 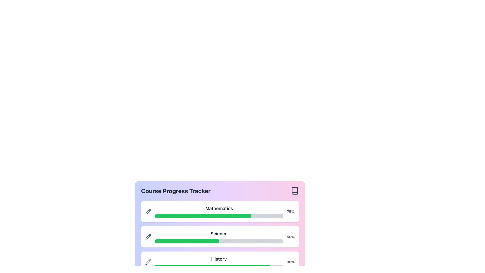 I want to click on the text label indicating the subject of the 'Science' course, which is positioned between the 'Mathematics' and 'History' course progress bars, so click(x=219, y=234).